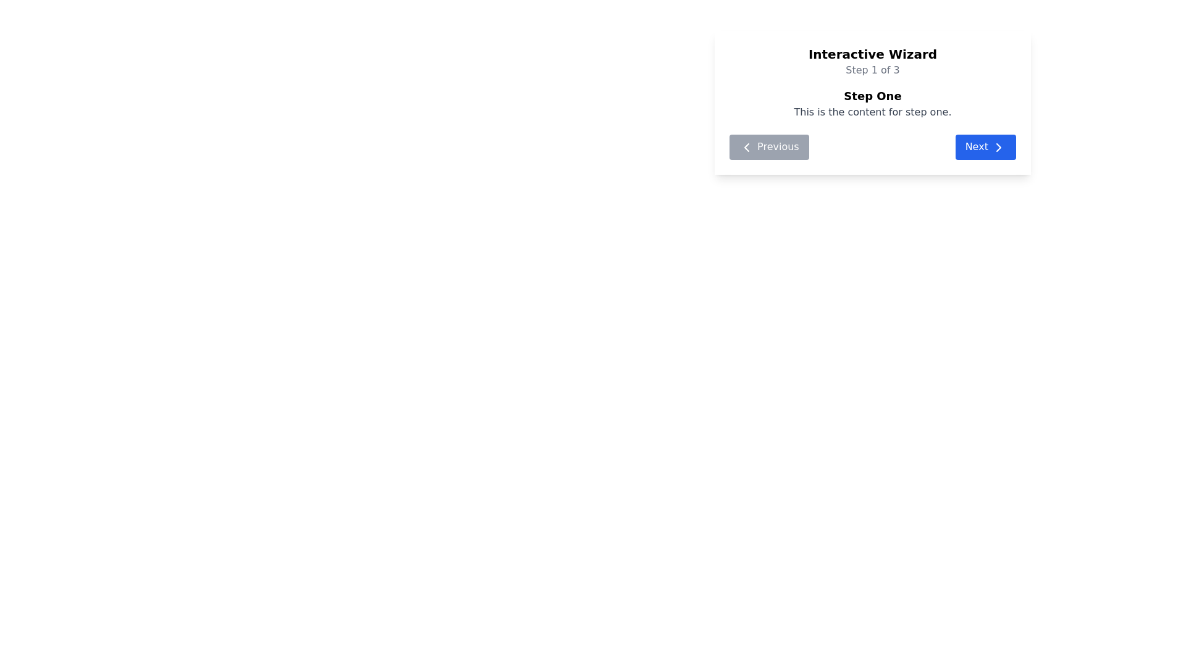  I want to click on the text element displaying 'Interactive Wizard', which is bold and prominently positioned at the top center of the content area, so click(872, 54).